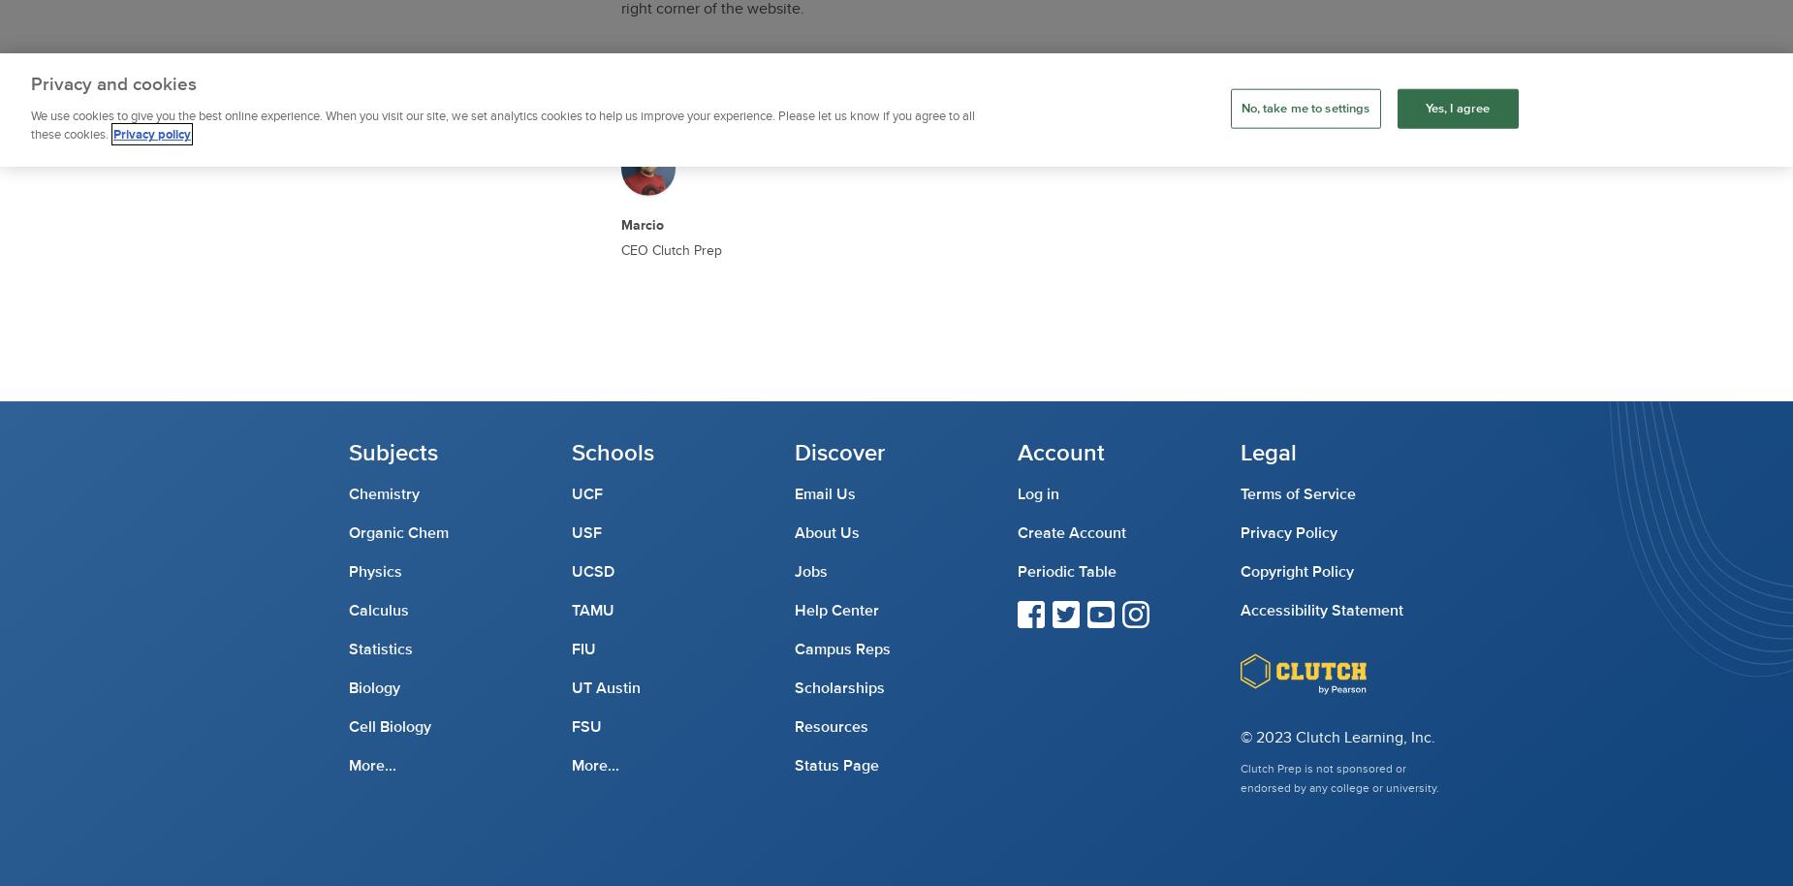  What do you see at coordinates (1296, 571) in the screenshot?
I see `'Copyright Policy'` at bounding box center [1296, 571].